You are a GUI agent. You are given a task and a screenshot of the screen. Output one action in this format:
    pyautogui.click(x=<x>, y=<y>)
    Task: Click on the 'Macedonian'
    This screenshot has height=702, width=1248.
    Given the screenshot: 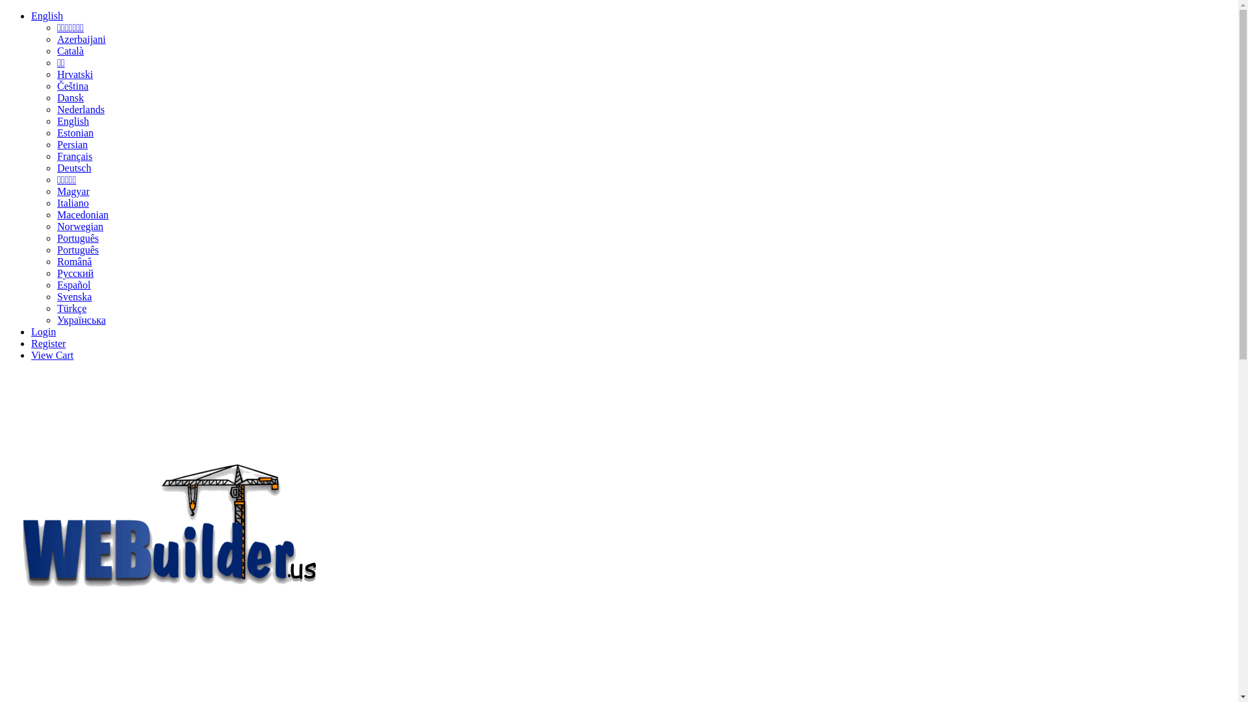 What is the action you would take?
    pyautogui.click(x=82, y=214)
    